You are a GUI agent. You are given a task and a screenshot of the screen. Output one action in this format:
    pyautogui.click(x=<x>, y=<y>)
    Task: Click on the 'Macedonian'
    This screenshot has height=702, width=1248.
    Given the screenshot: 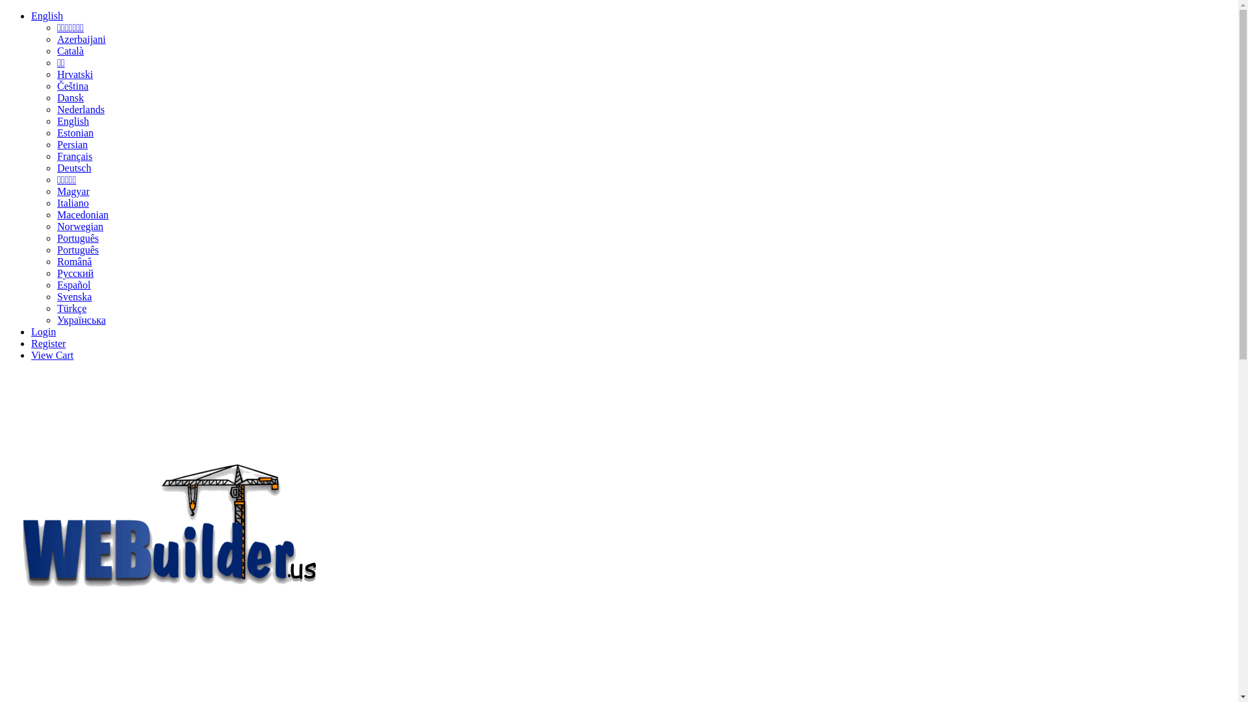 What is the action you would take?
    pyautogui.click(x=82, y=214)
    